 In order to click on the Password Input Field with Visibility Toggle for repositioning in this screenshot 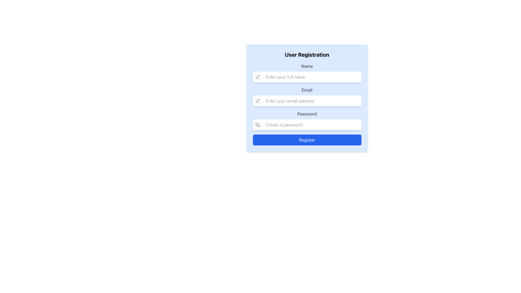, I will do `click(307, 125)`.